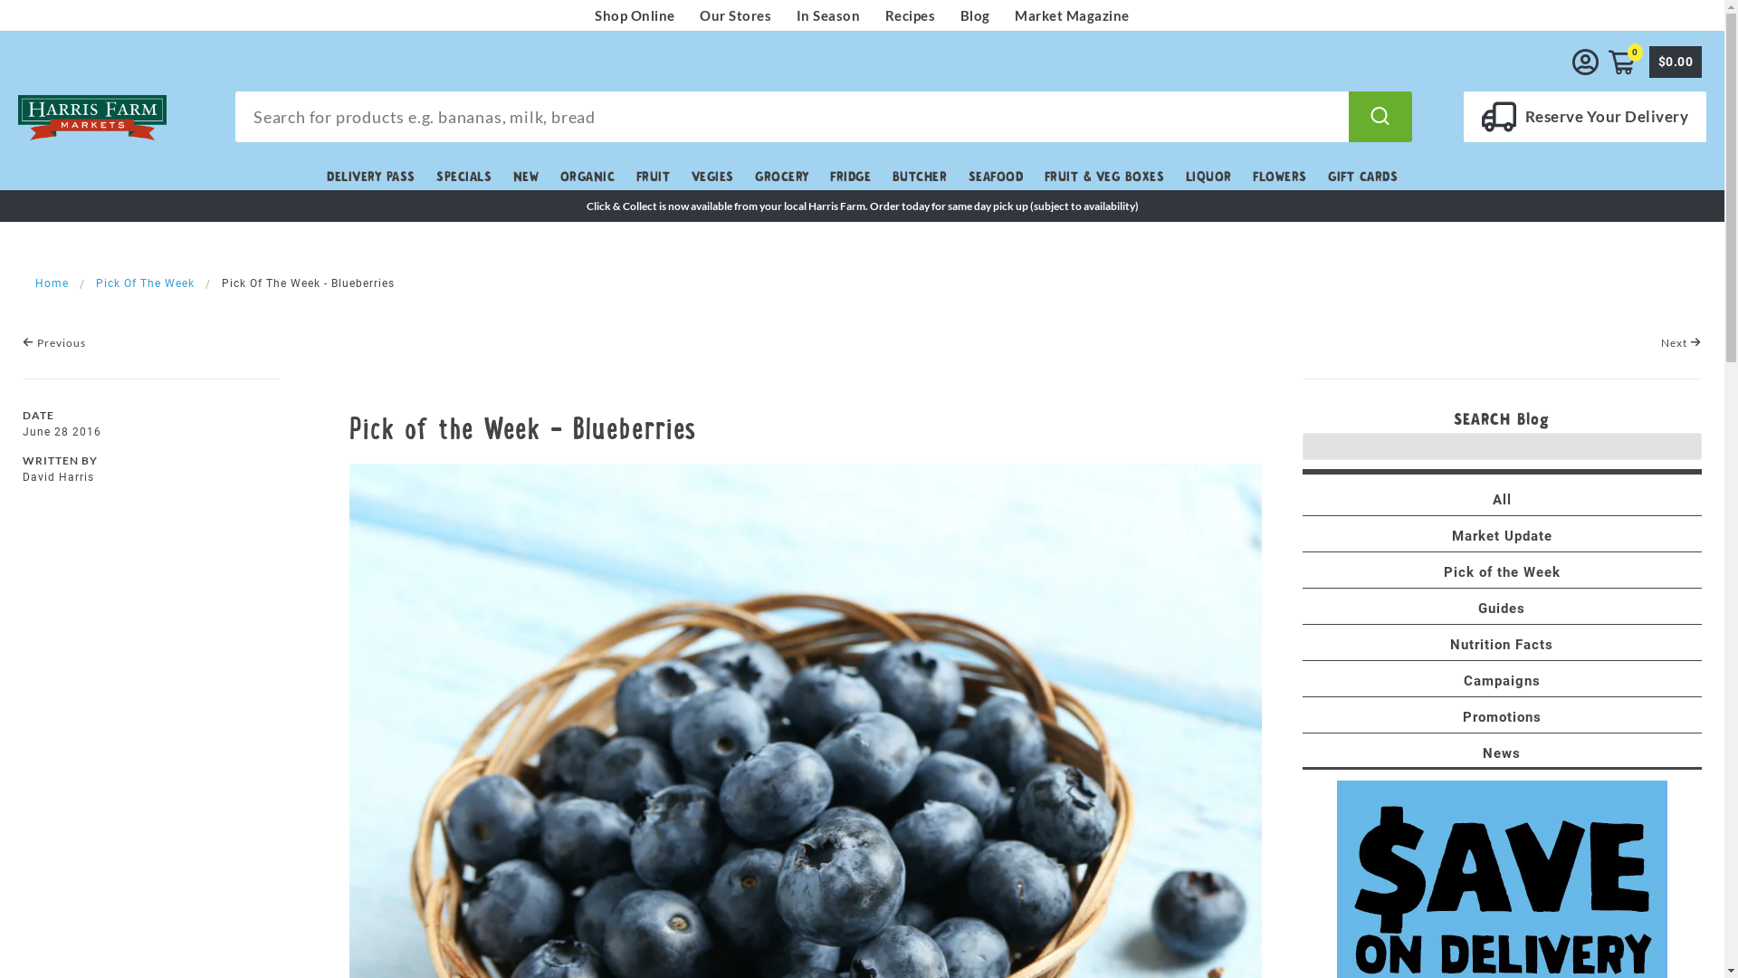 Image resolution: width=1738 pixels, height=978 pixels. I want to click on 'Pick Of The Week', so click(145, 283).